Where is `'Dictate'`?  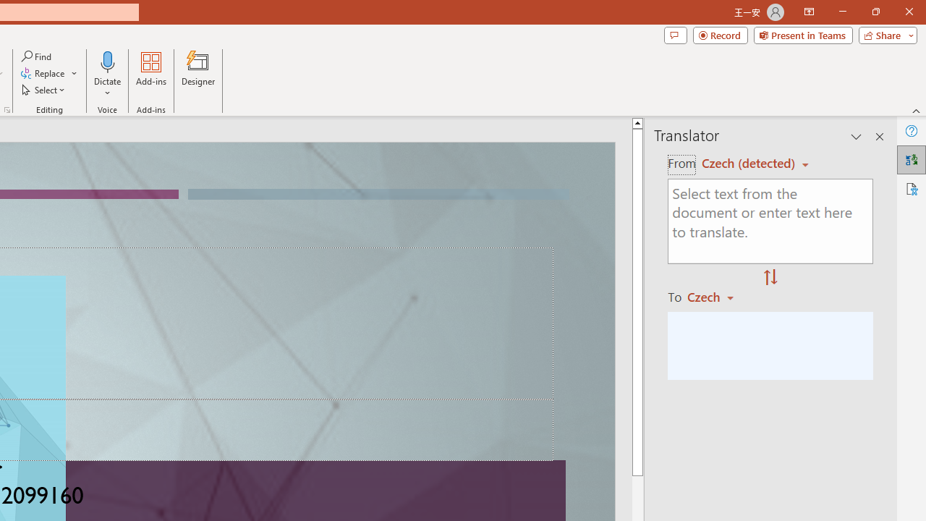 'Dictate' is located at coordinates (107, 75).